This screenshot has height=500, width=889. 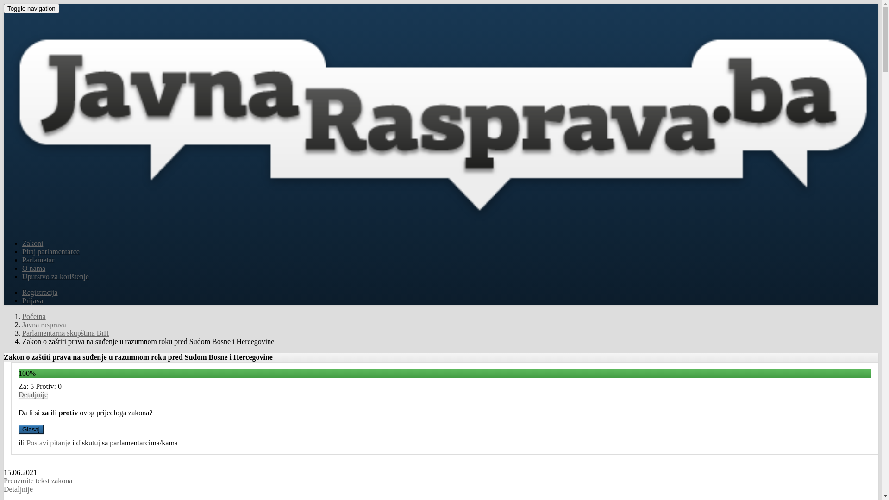 What do you see at coordinates (37, 480) in the screenshot?
I see `'Preuzmite tekst zakona'` at bounding box center [37, 480].